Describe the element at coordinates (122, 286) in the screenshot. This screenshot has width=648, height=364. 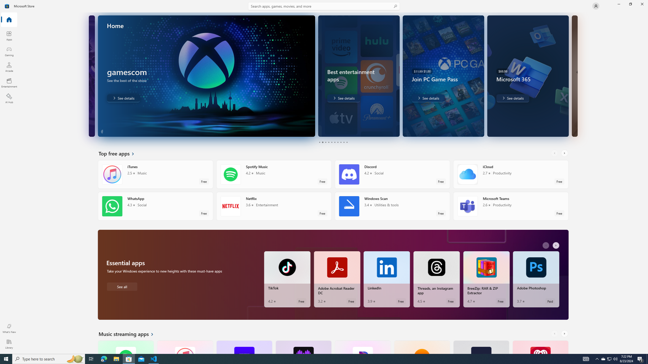
I see `'See all  Essential apps'` at that location.